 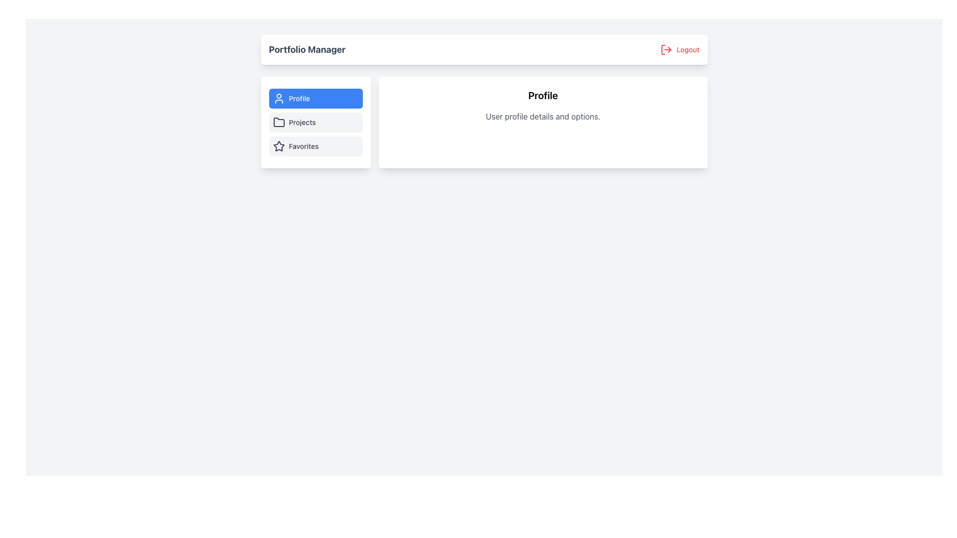 I want to click on the 'Favorites' button, which is the third item in the vertical menu on the left panel, below 'Profile' and 'Projects', to change its highlight style, so click(x=315, y=146).